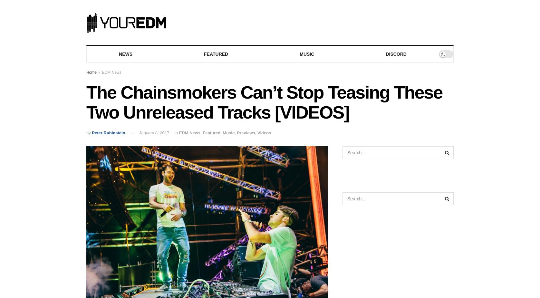  I want to click on 'in', so click(176, 132).